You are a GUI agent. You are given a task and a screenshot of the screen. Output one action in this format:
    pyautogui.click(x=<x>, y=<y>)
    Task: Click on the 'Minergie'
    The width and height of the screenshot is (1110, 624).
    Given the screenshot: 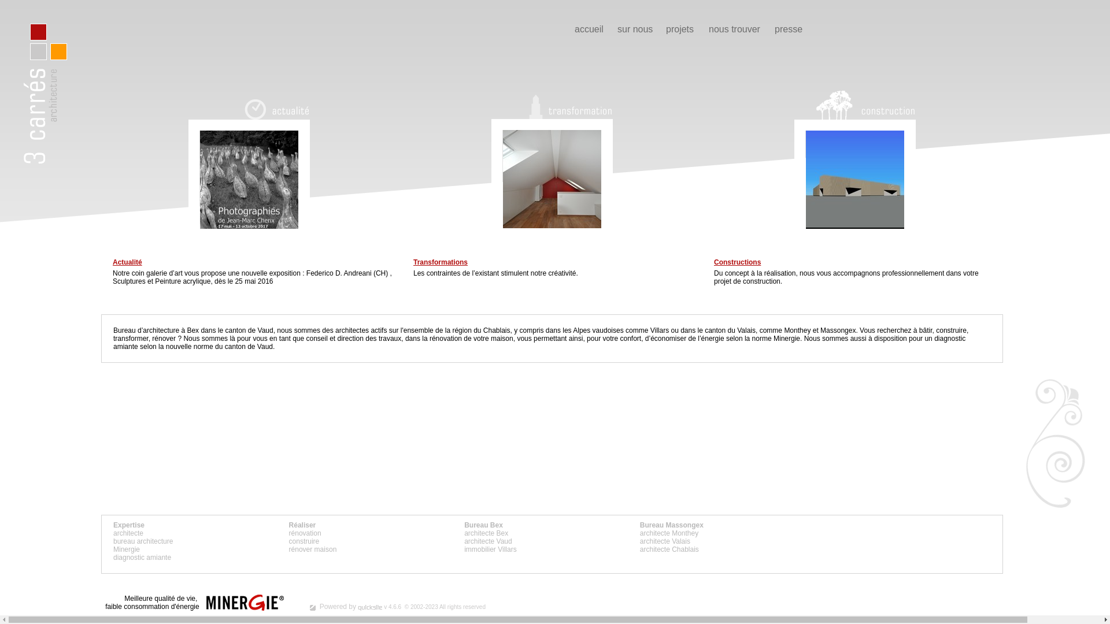 What is the action you would take?
    pyautogui.click(x=127, y=549)
    